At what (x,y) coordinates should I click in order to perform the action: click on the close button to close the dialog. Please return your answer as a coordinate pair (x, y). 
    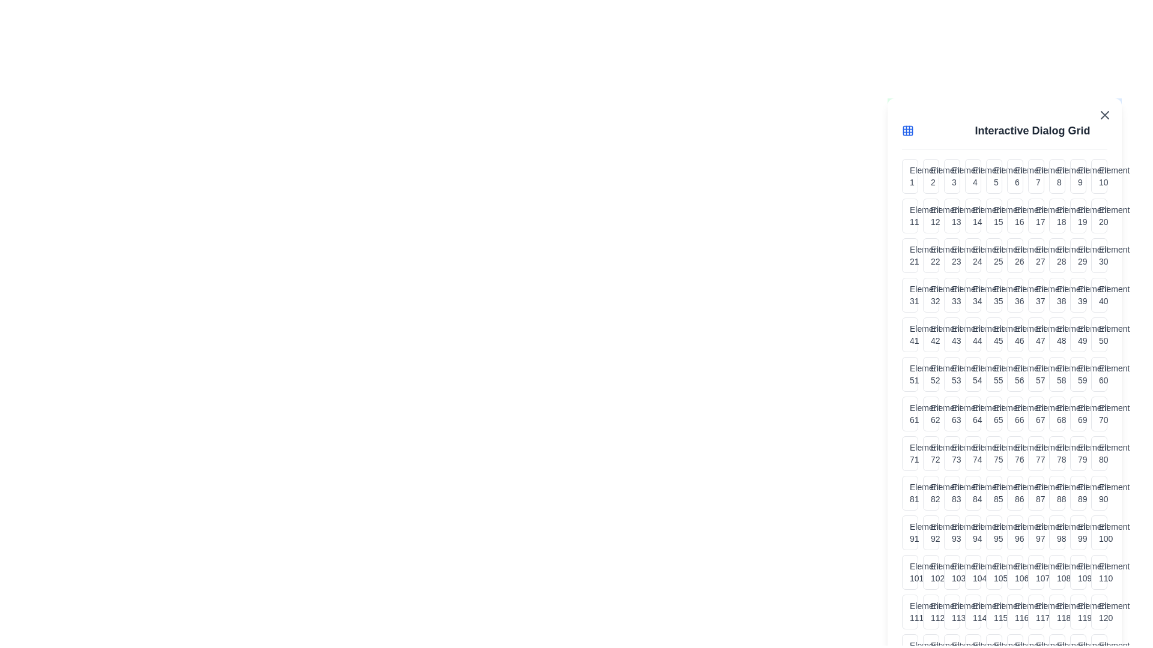
    Looking at the image, I should click on (1104, 115).